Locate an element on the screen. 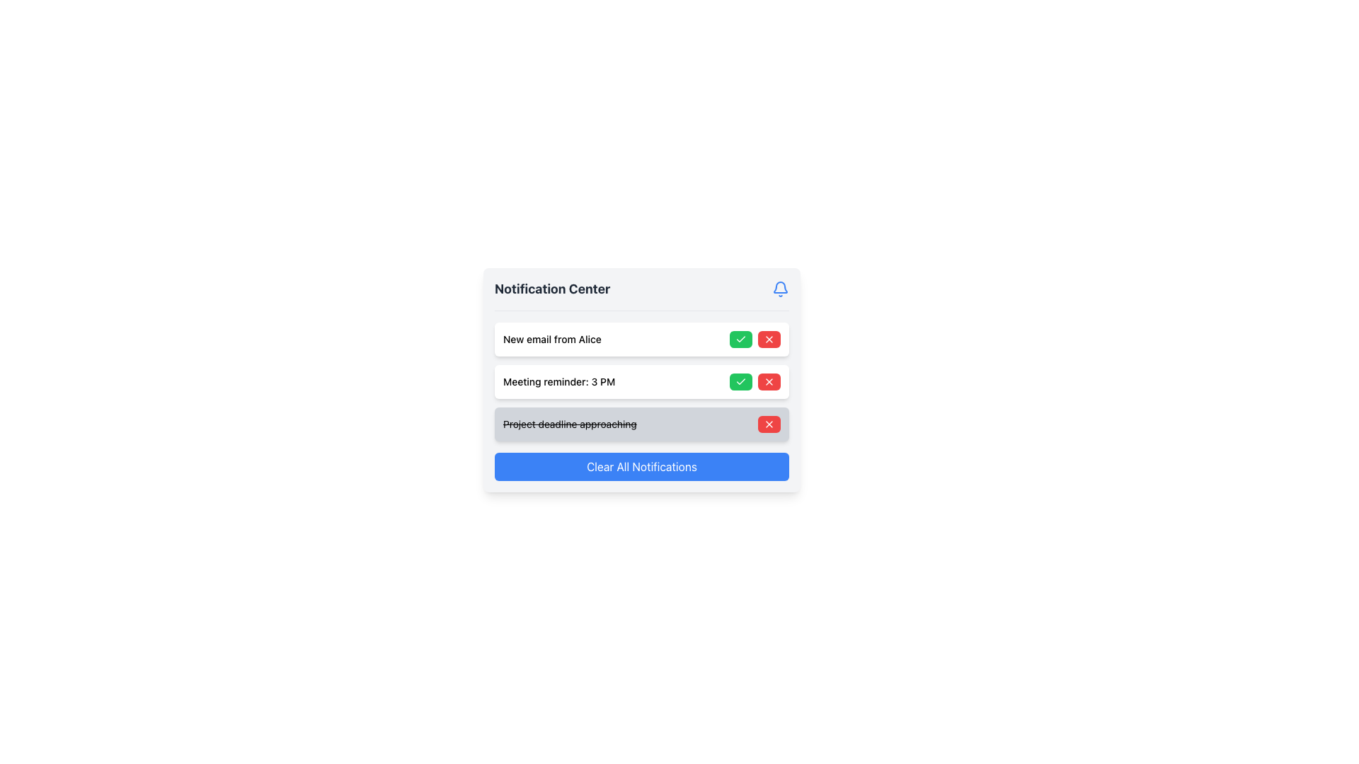 This screenshot has width=1359, height=764. the close icon button in the third notification row is located at coordinates (768, 424).